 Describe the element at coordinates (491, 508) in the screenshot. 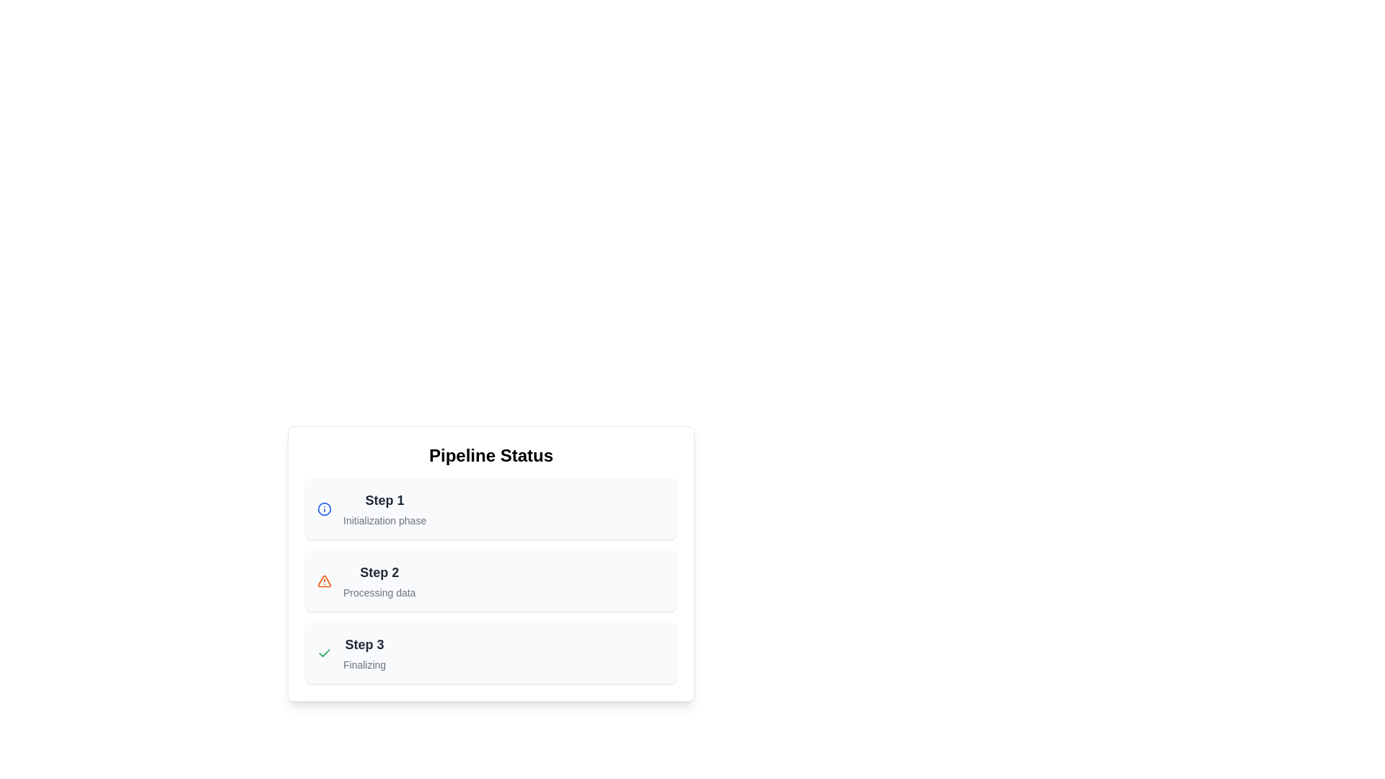

I see `the first step of the pipeline process, labeled 'Step 1', which describes the 'Initialization phase'` at that location.